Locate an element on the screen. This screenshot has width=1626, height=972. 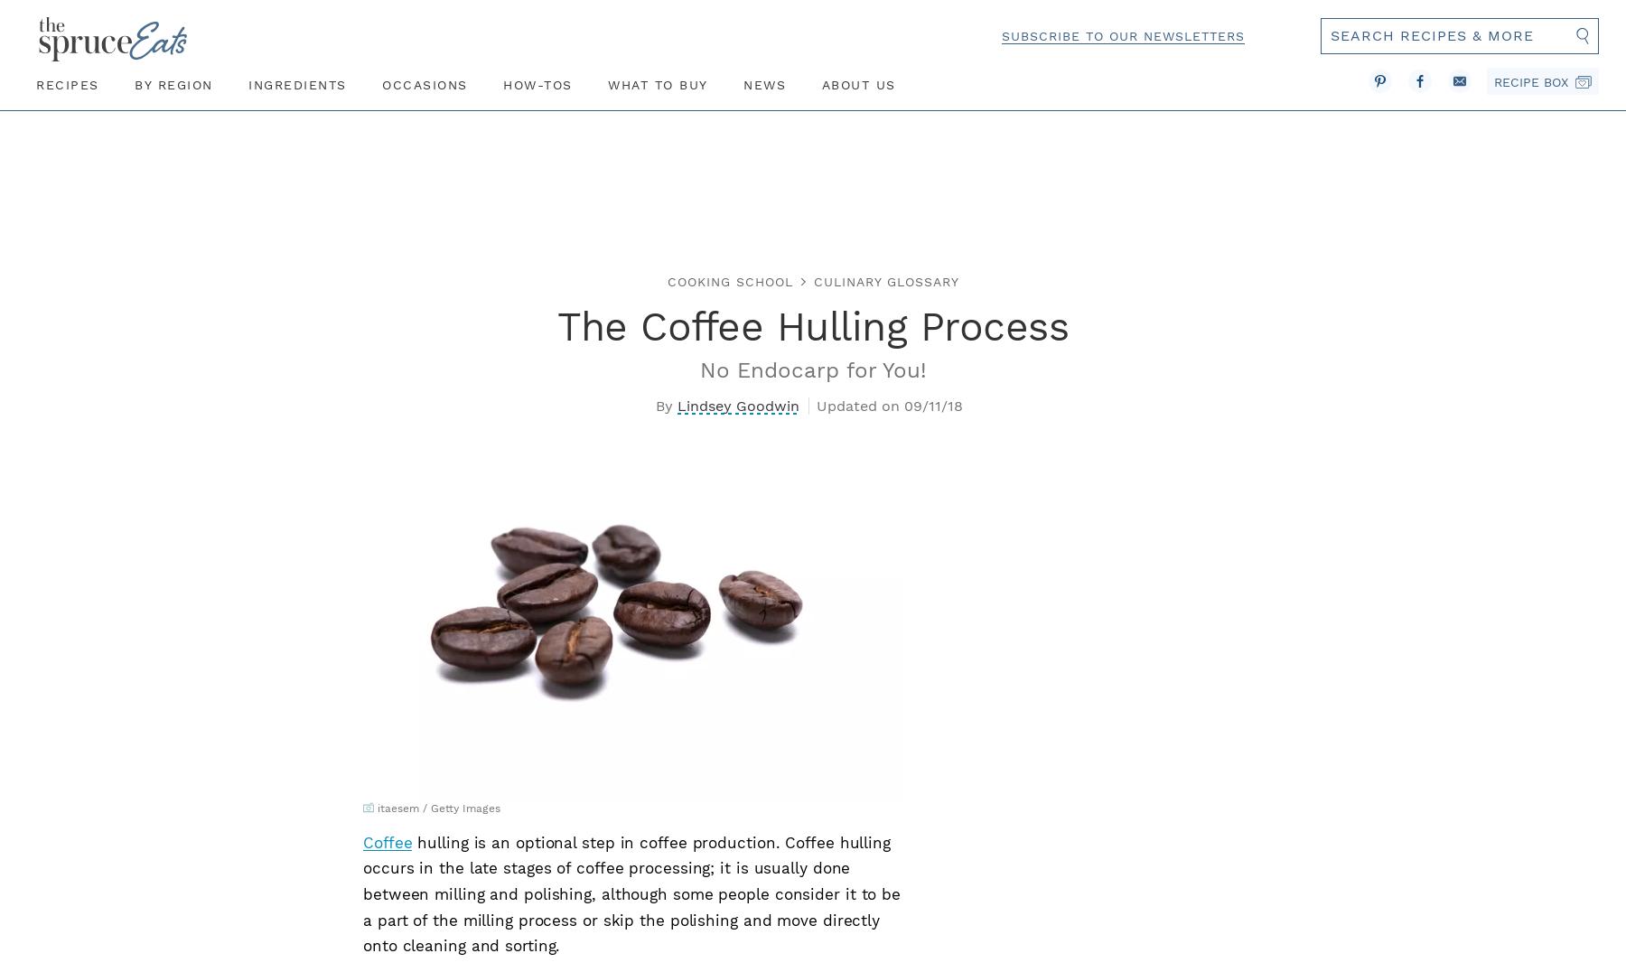
'News' is located at coordinates (764, 82).